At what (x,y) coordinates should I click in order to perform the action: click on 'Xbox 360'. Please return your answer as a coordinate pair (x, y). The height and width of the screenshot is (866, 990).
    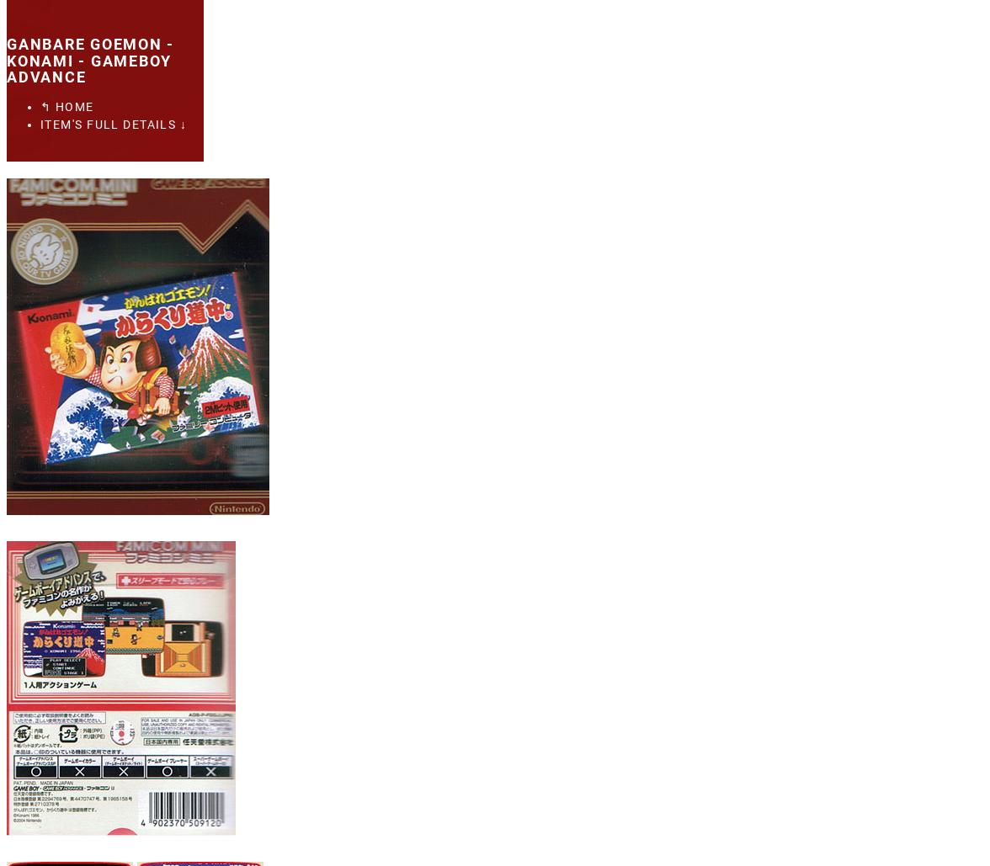
    Looking at the image, I should click on (92, 825).